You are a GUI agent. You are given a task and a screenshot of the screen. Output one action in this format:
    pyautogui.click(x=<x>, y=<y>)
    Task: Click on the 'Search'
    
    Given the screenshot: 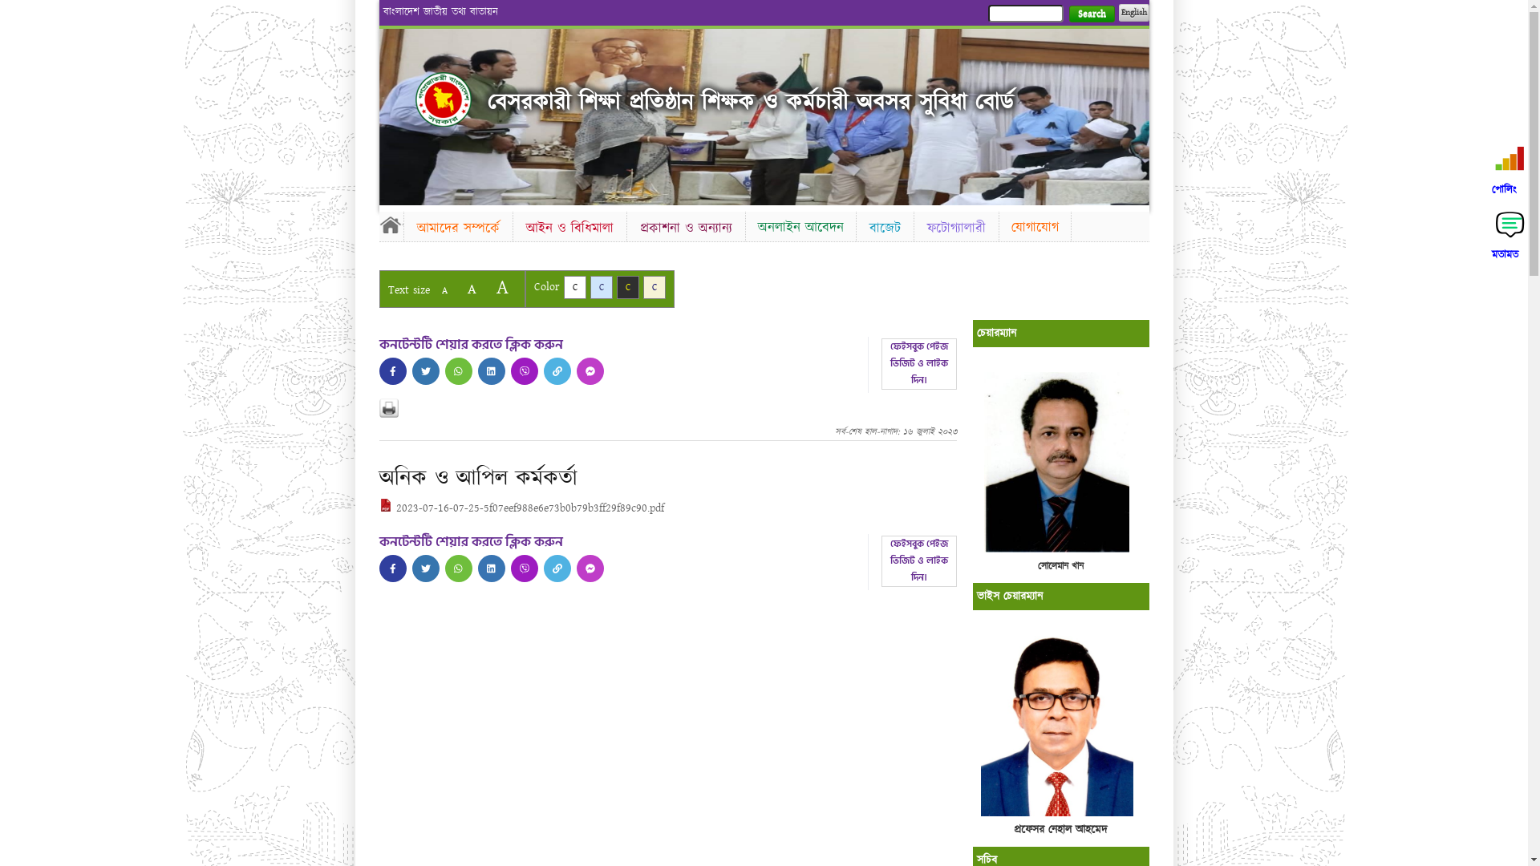 What is the action you would take?
    pyautogui.click(x=1091, y=14)
    